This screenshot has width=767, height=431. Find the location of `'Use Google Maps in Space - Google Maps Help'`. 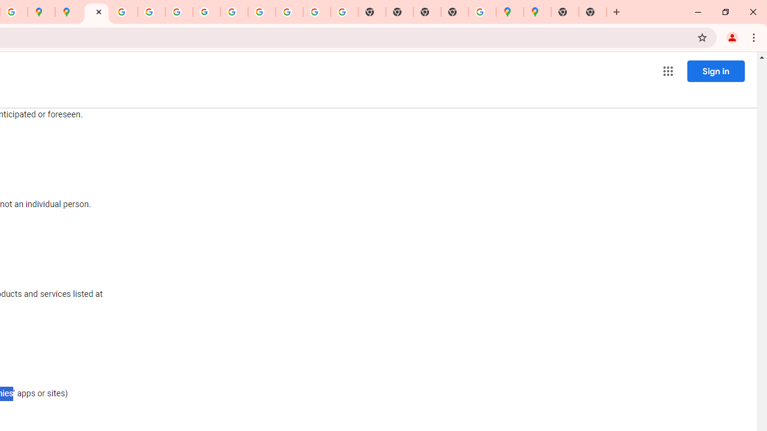

'Use Google Maps in Space - Google Maps Help' is located at coordinates (482, 12).